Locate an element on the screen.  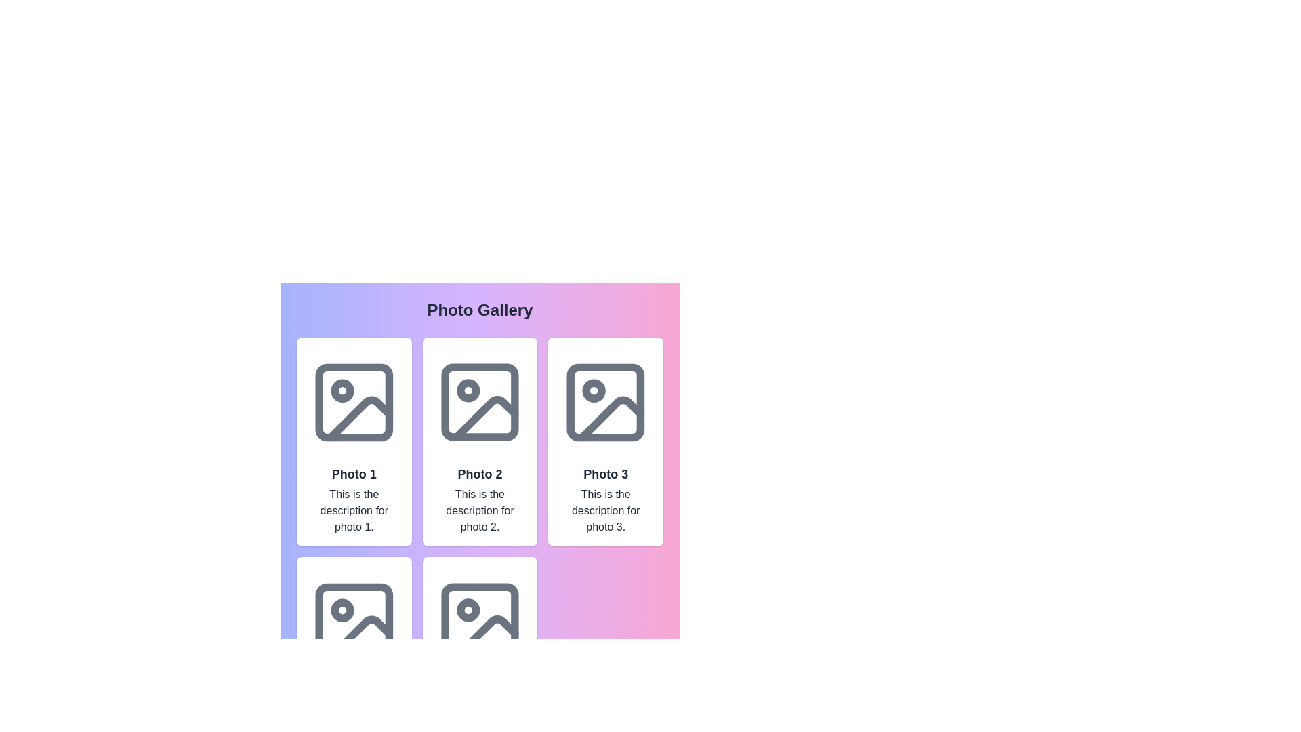
the circle element in the second row of the photo grid, located in the middle of the lower-left tile is located at coordinates (468, 610).